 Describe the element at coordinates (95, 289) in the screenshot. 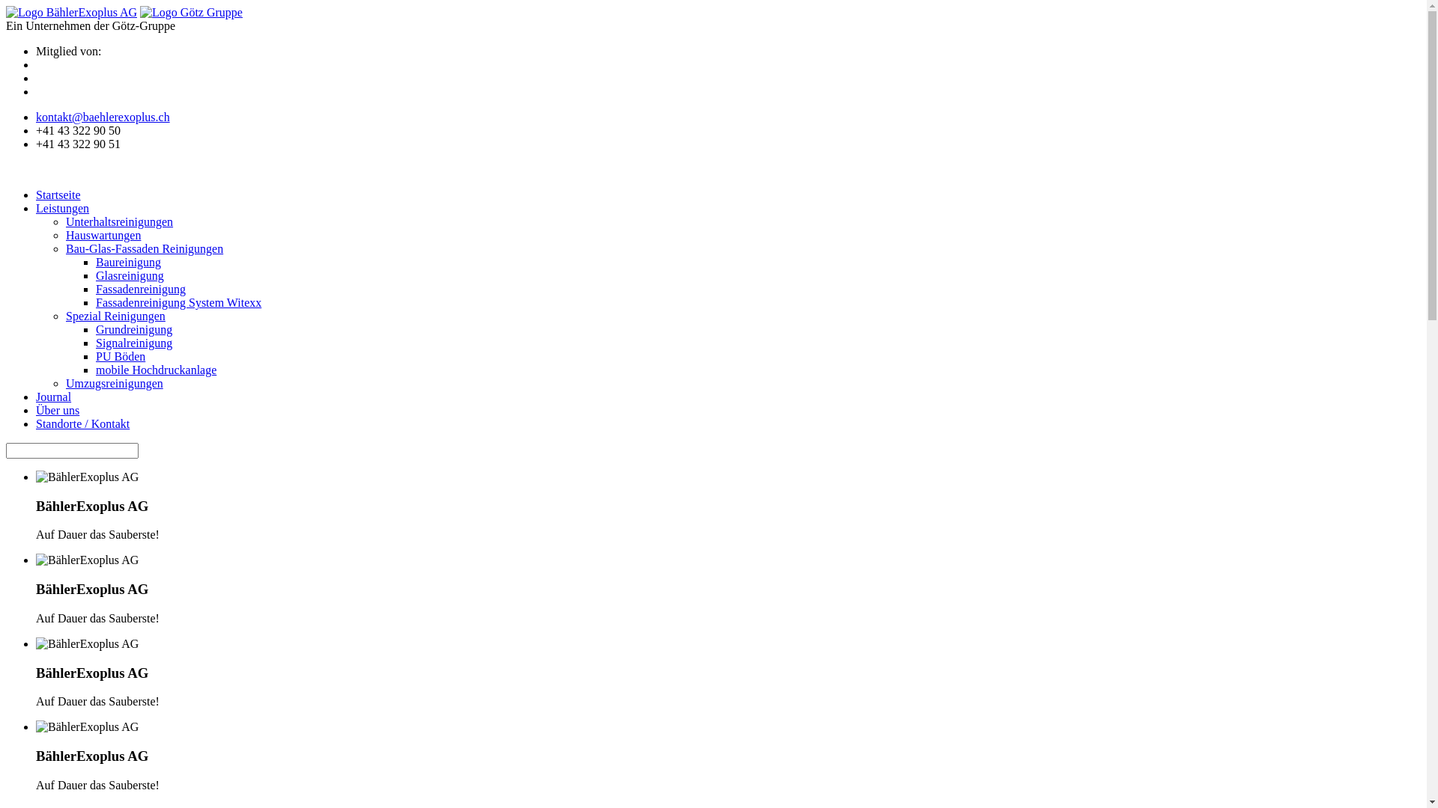

I see `'Fassadenreinigung'` at that location.